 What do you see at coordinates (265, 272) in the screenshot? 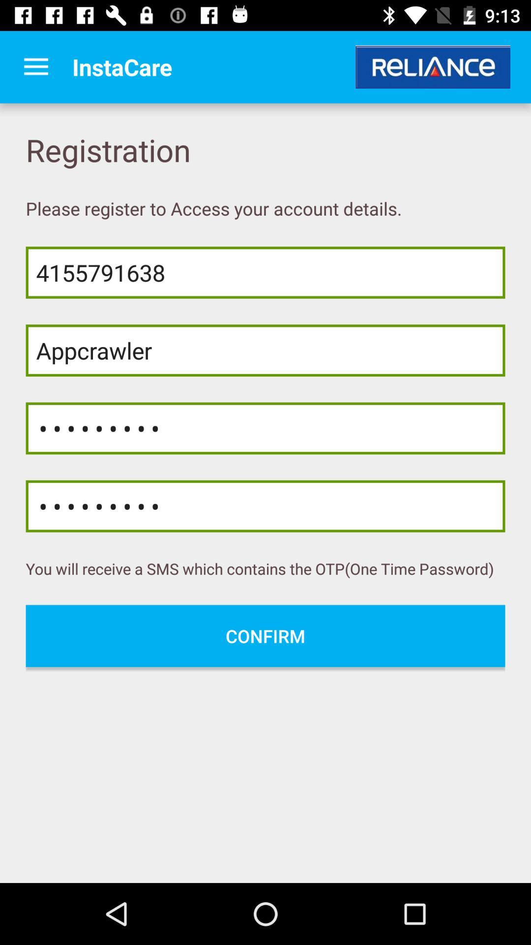
I see `item below the please register to item` at bounding box center [265, 272].